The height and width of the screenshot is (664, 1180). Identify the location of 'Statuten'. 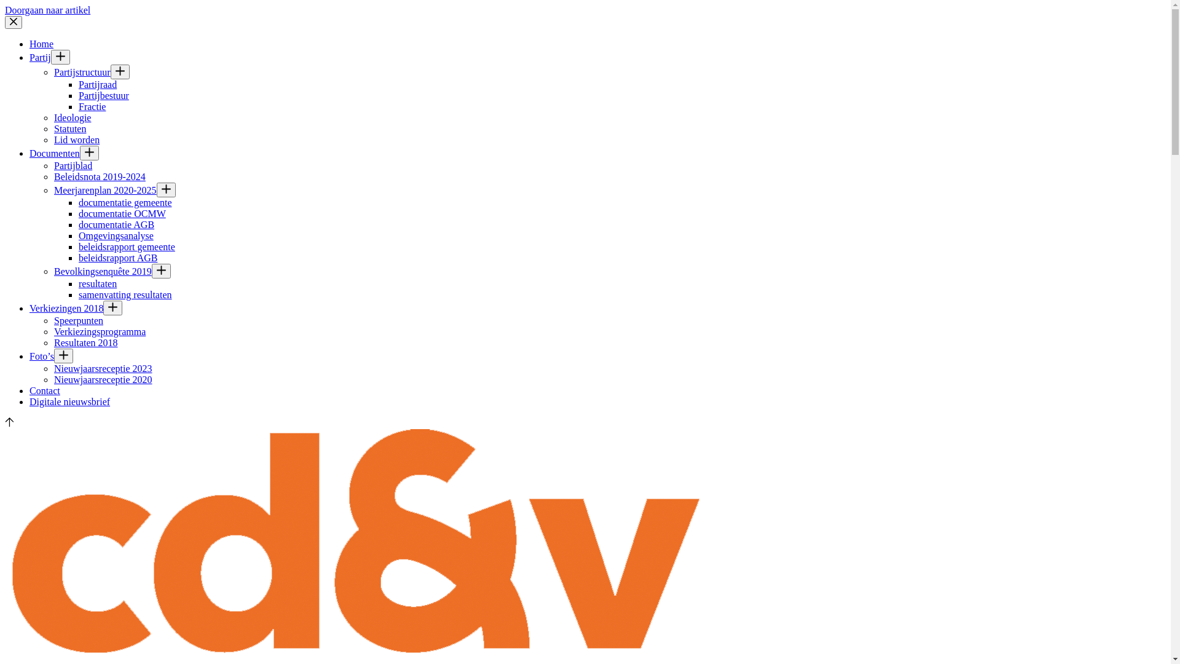
(69, 128).